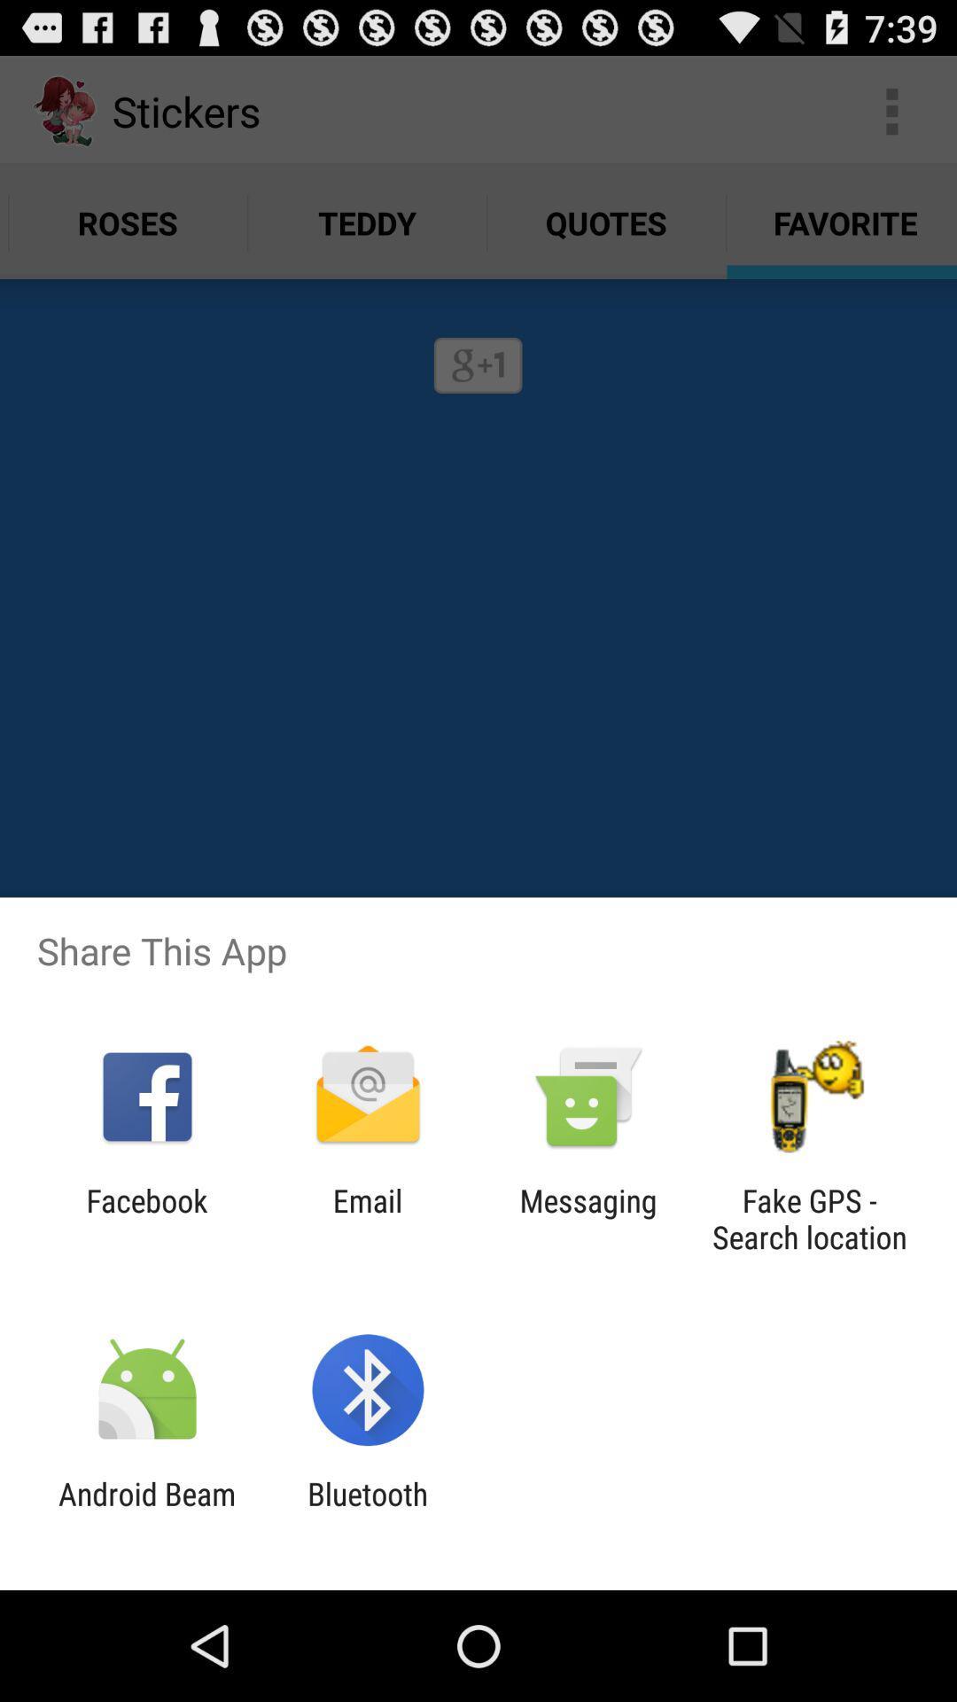 This screenshot has width=957, height=1702. What do you see at coordinates (588, 1218) in the screenshot?
I see `the icon next to email icon` at bounding box center [588, 1218].